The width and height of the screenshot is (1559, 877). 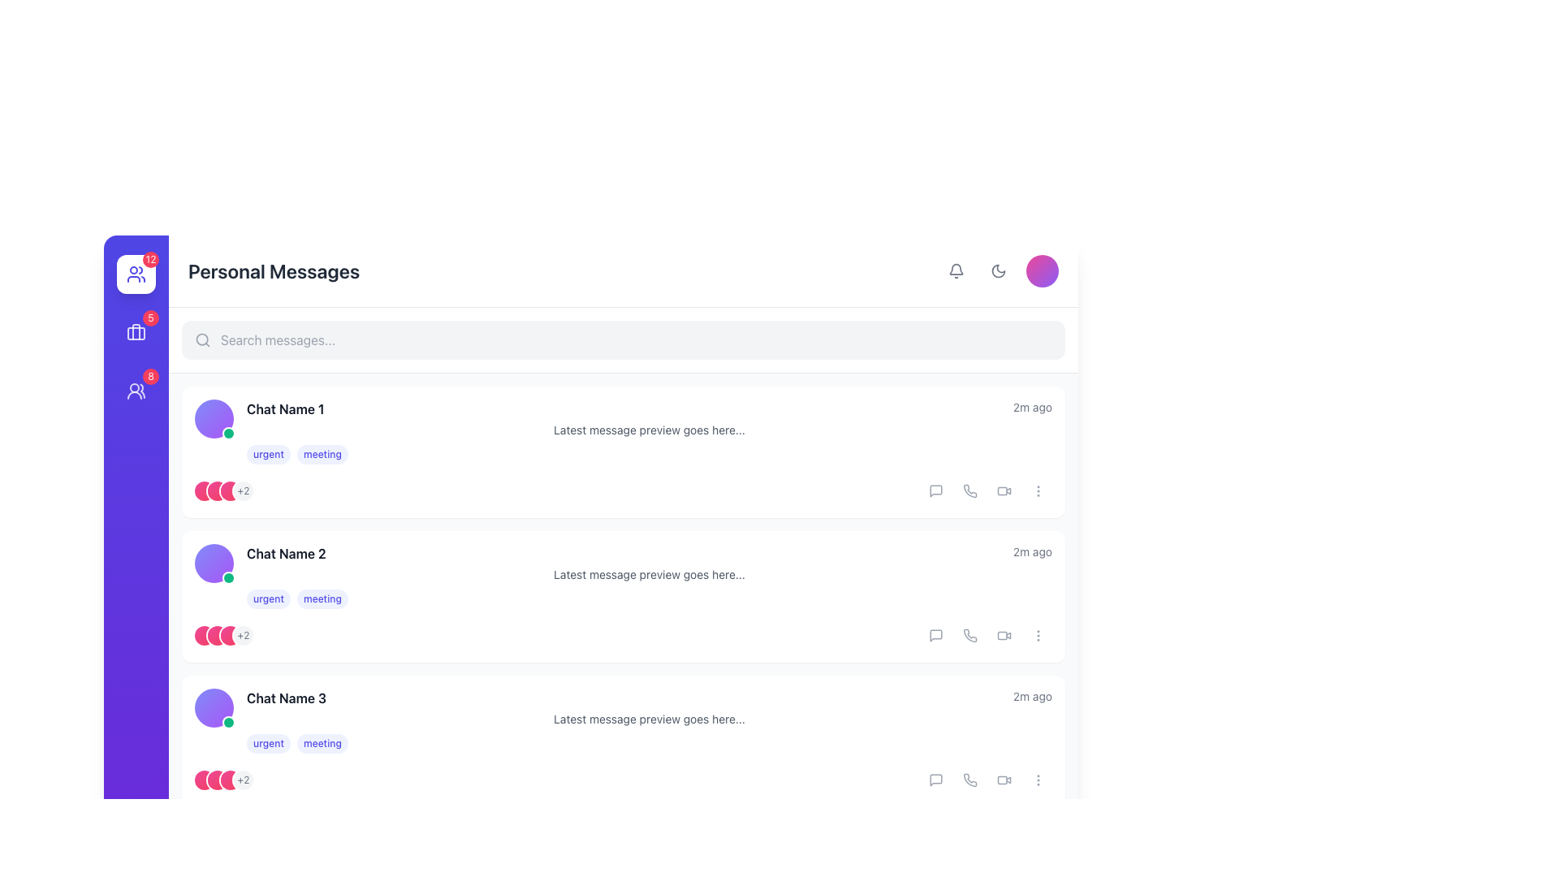 What do you see at coordinates (935, 635) in the screenshot?
I see `the interactive button with a speech bubble icon located in the second chat entry, first icon from the left` at bounding box center [935, 635].